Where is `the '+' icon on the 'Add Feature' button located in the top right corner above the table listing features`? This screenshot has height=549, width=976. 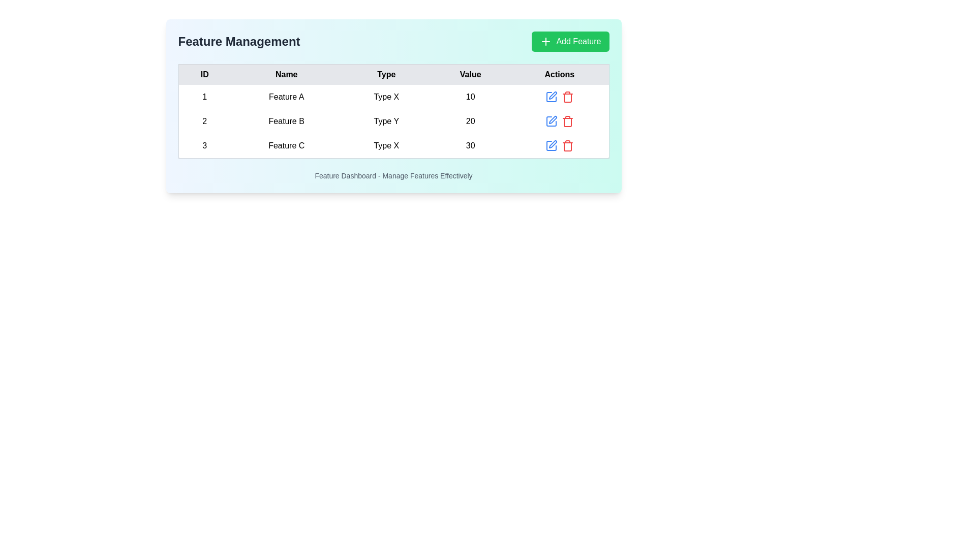 the '+' icon on the 'Add Feature' button located in the top right corner above the table listing features is located at coordinates (545, 41).